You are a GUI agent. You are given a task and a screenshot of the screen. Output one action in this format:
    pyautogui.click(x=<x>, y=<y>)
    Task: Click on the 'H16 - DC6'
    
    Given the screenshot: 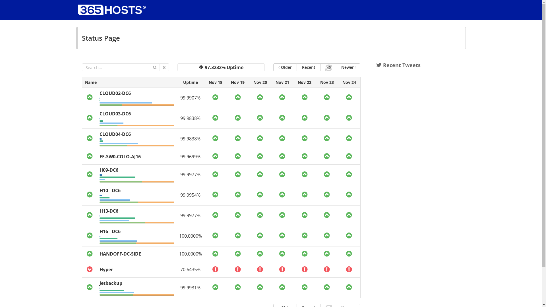 What is the action you would take?
    pyautogui.click(x=110, y=231)
    